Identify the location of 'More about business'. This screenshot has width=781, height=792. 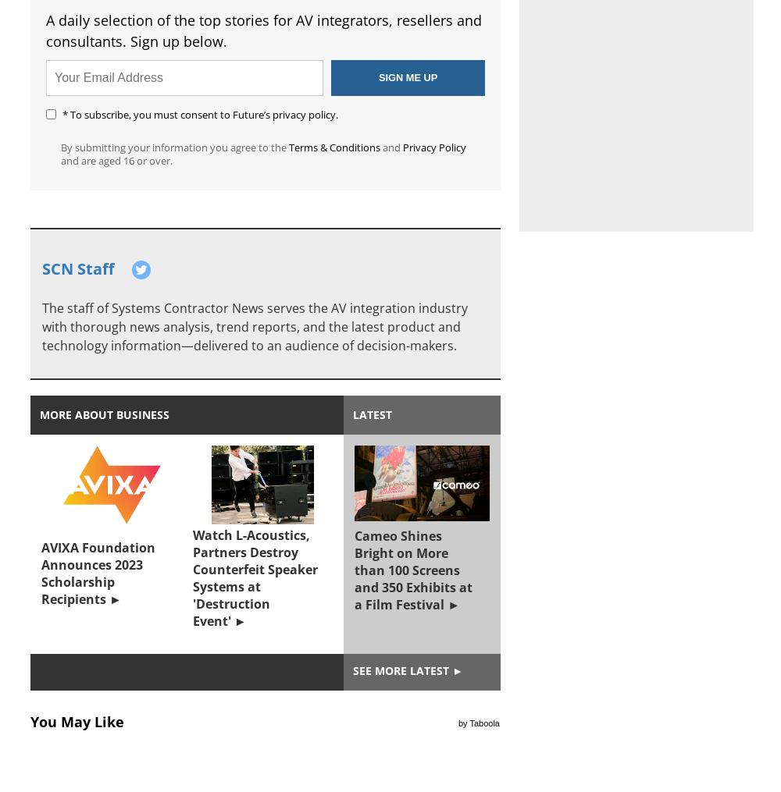
(105, 414).